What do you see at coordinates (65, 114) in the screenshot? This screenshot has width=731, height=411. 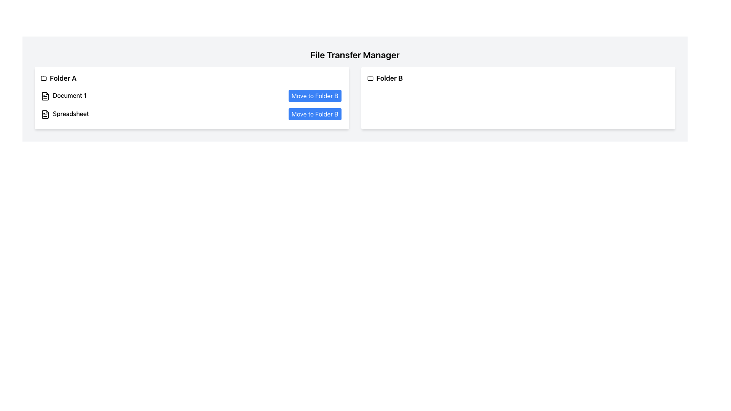 I see `the 'Spreadsheet' label element, which is styled in bold medium font and is located within the white card labeled 'Folder A', positioned below 'Document 1'` at bounding box center [65, 114].